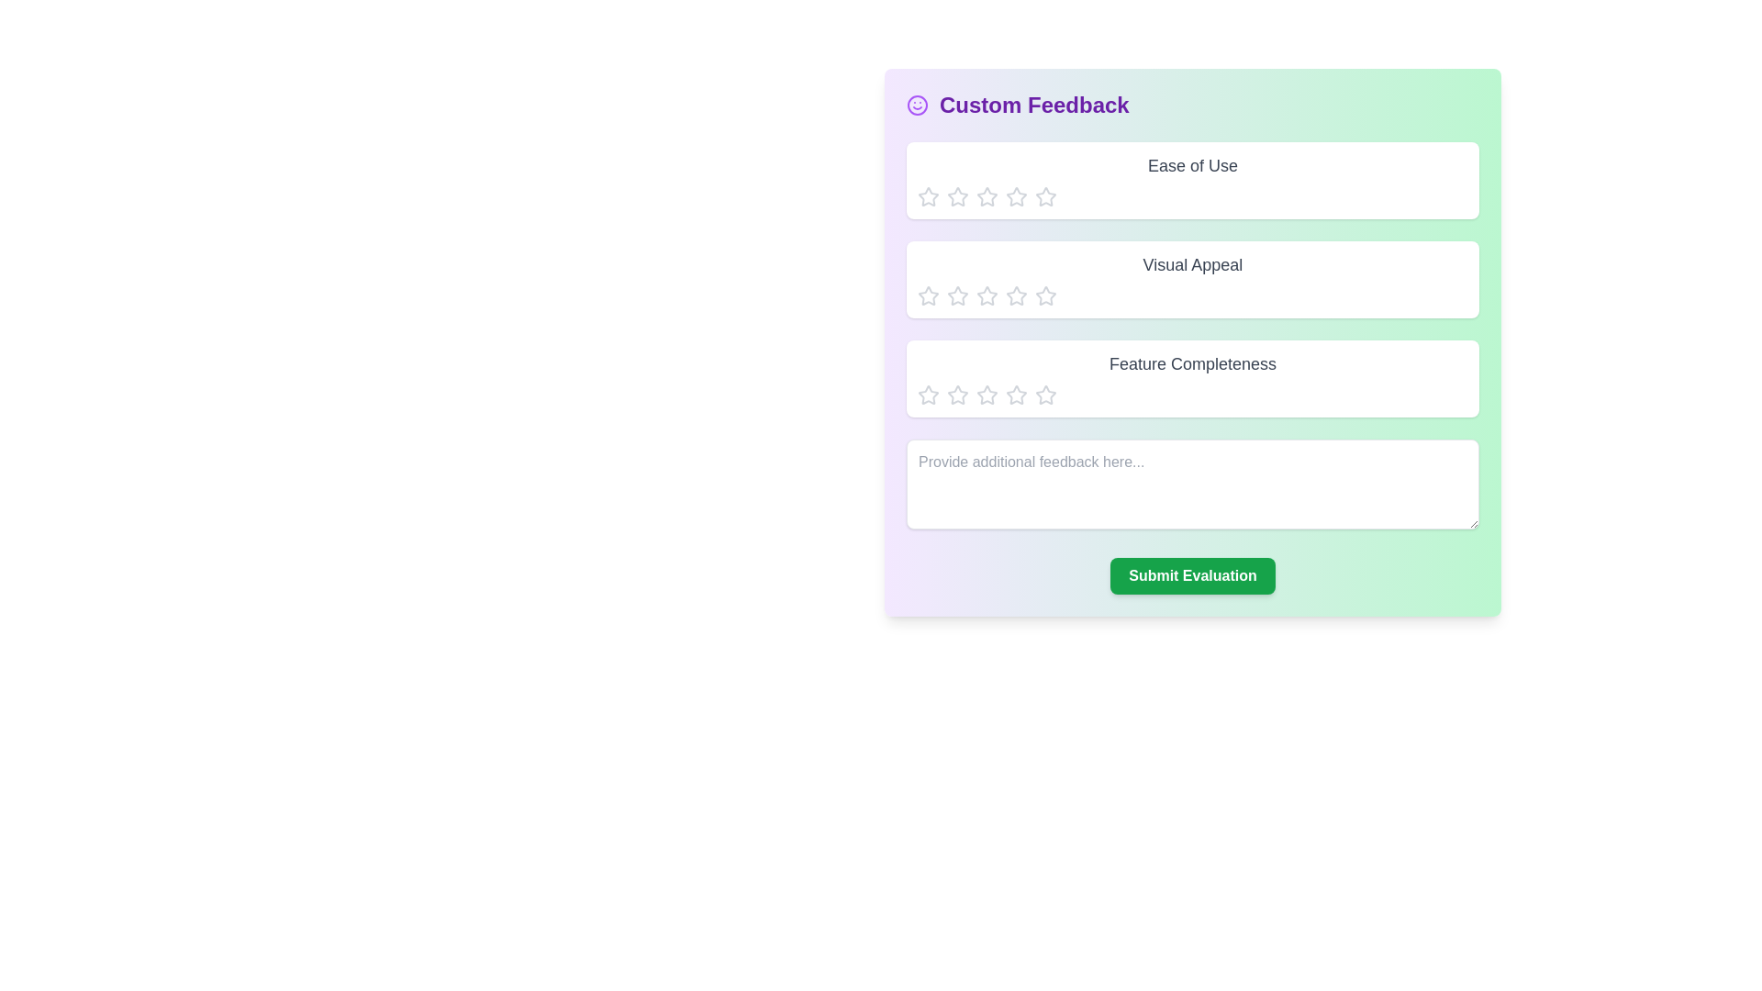 Image resolution: width=1762 pixels, height=991 pixels. What do you see at coordinates (1193, 575) in the screenshot?
I see `'Submit Evaluation' button to submit the feedback` at bounding box center [1193, 575].